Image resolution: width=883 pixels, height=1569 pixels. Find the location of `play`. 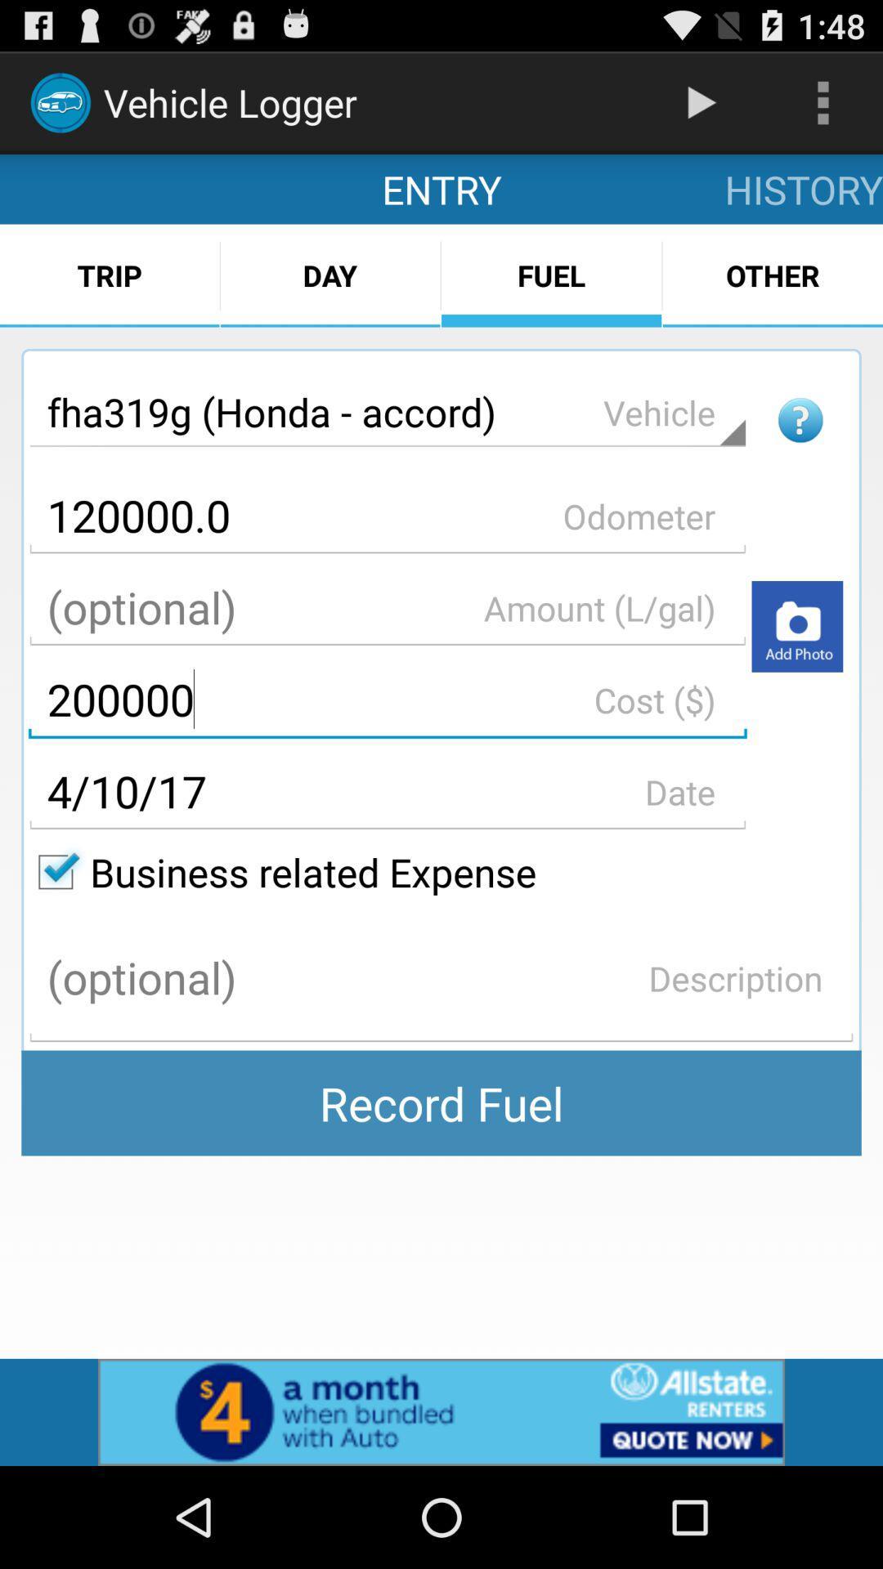

play is located at coordinates (796, 625).